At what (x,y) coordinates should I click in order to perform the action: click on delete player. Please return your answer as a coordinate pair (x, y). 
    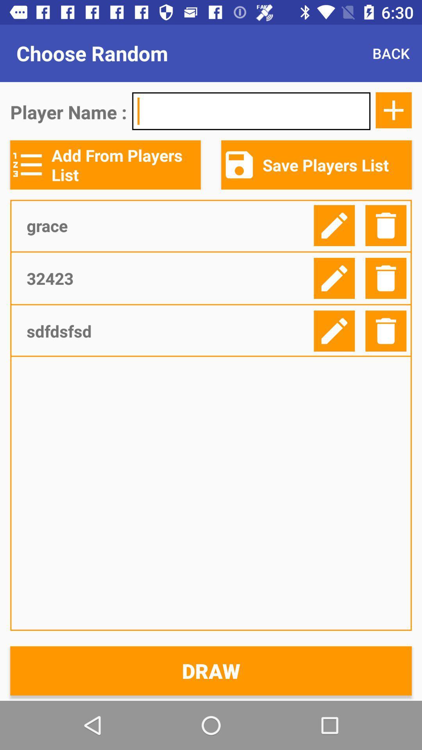
    Looking at the image, I should click on (385, 331).